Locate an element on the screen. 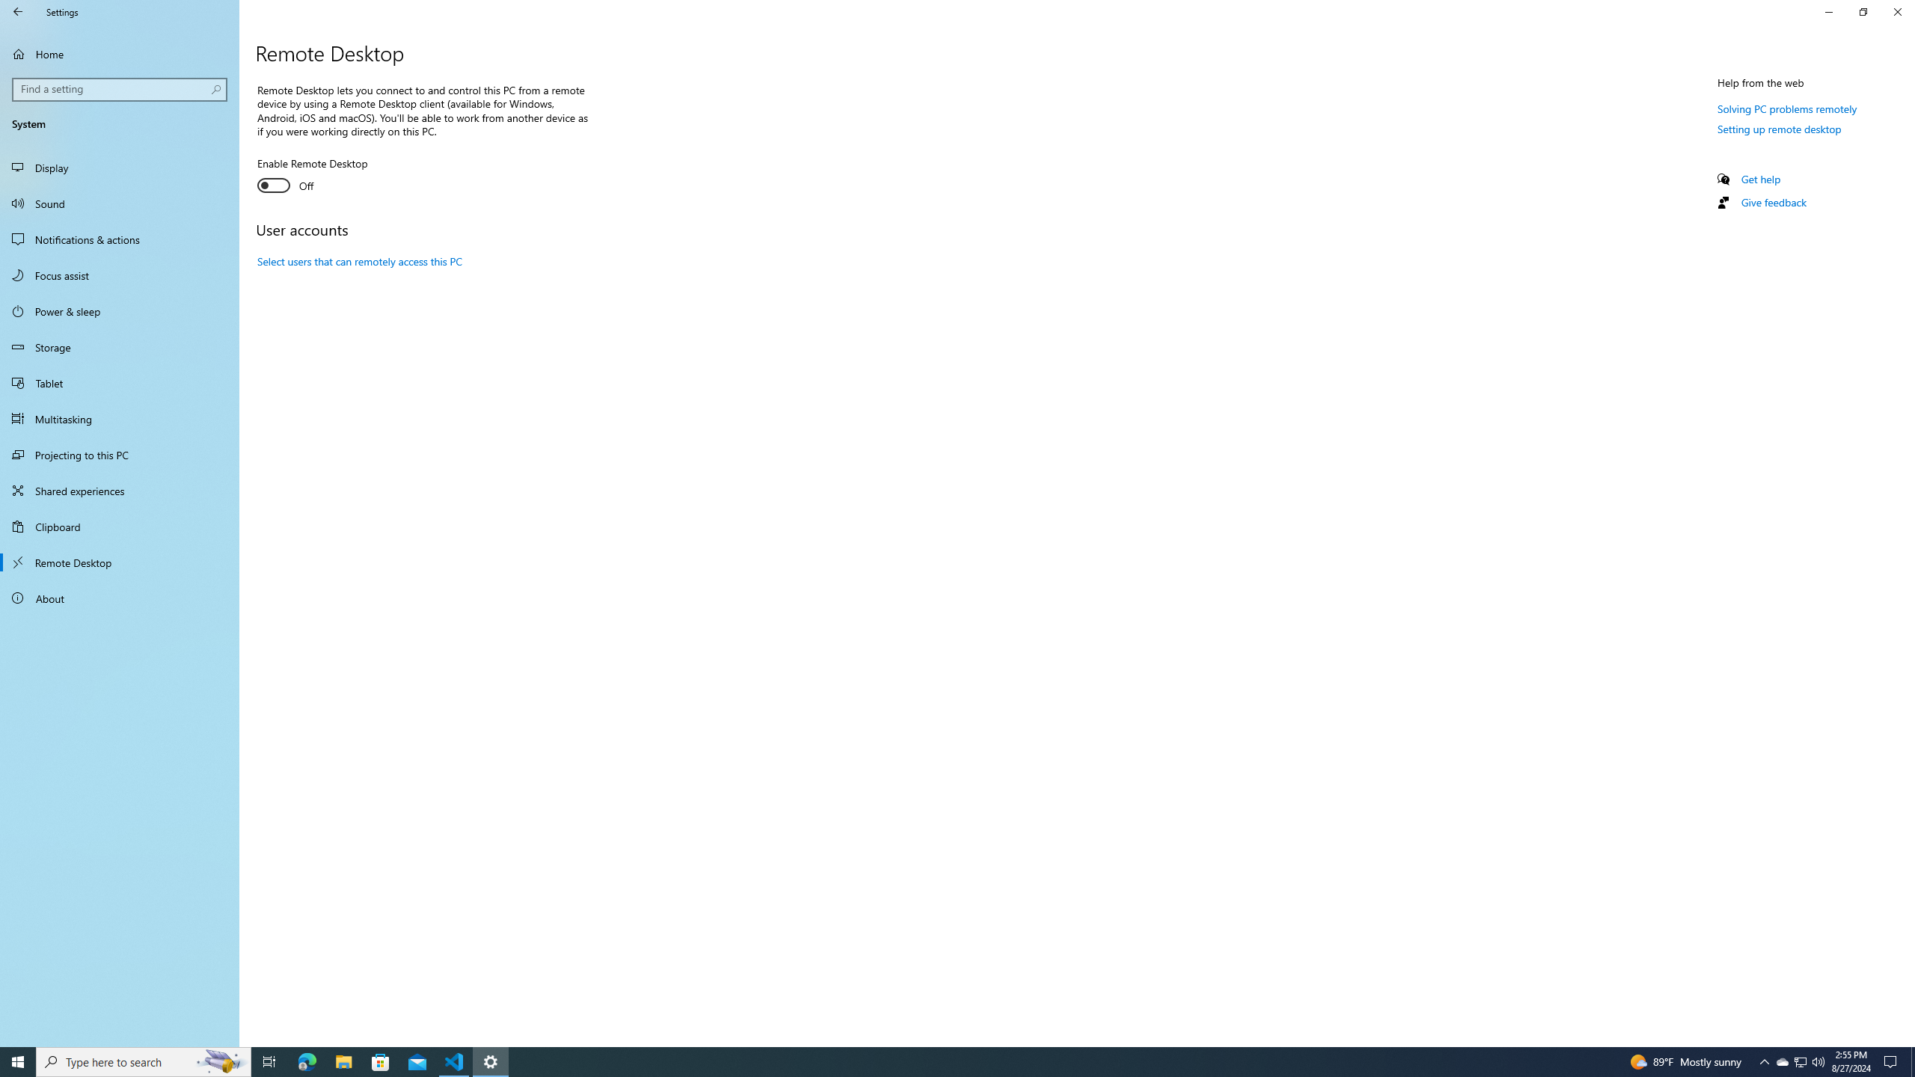  'Settings - 1 running window' is located at coordinates (491, 1061).